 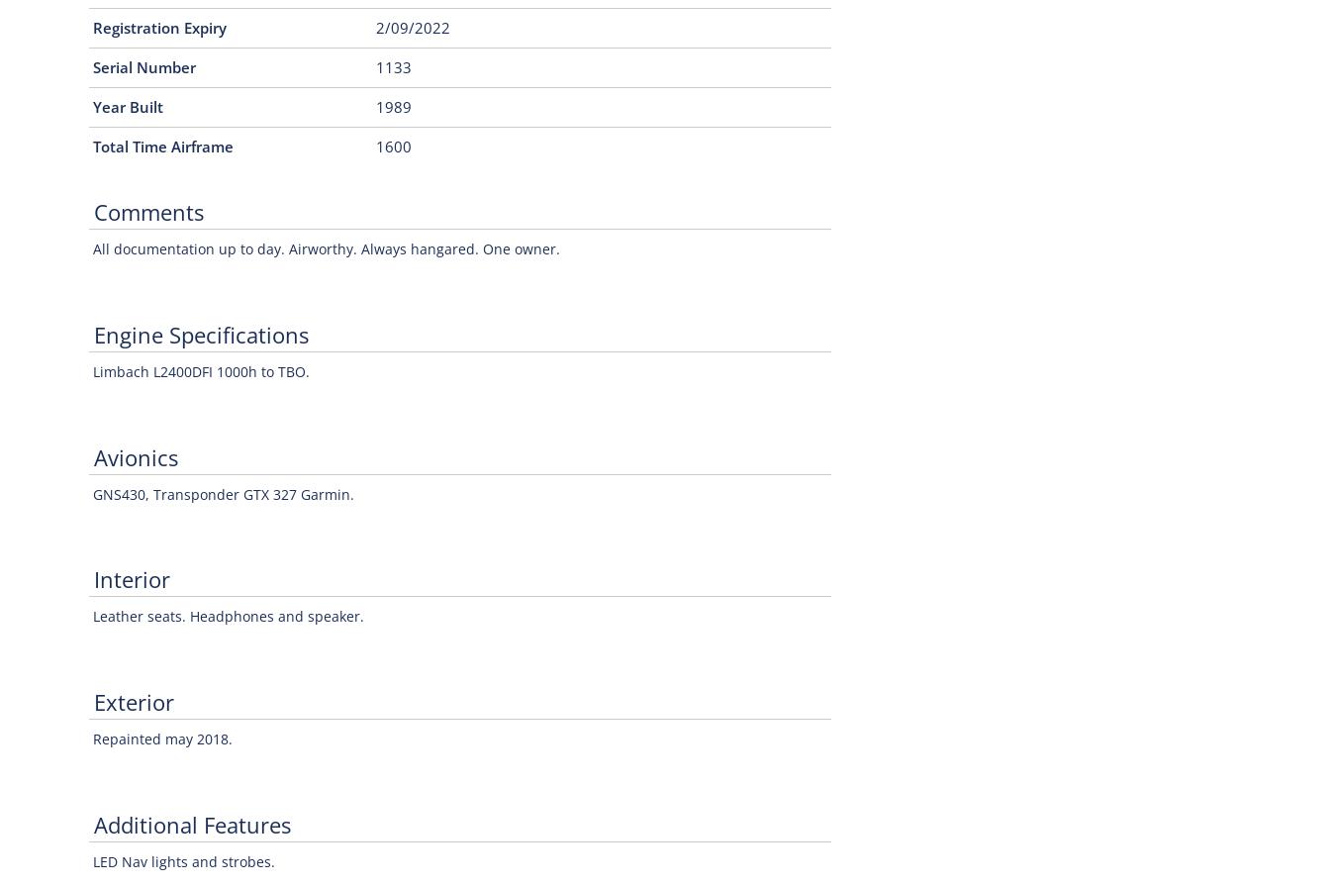 What do you see at coordinates (192, 822) in the screenshot?
I see `'Additional Features'` at bounding box center [192, 822].